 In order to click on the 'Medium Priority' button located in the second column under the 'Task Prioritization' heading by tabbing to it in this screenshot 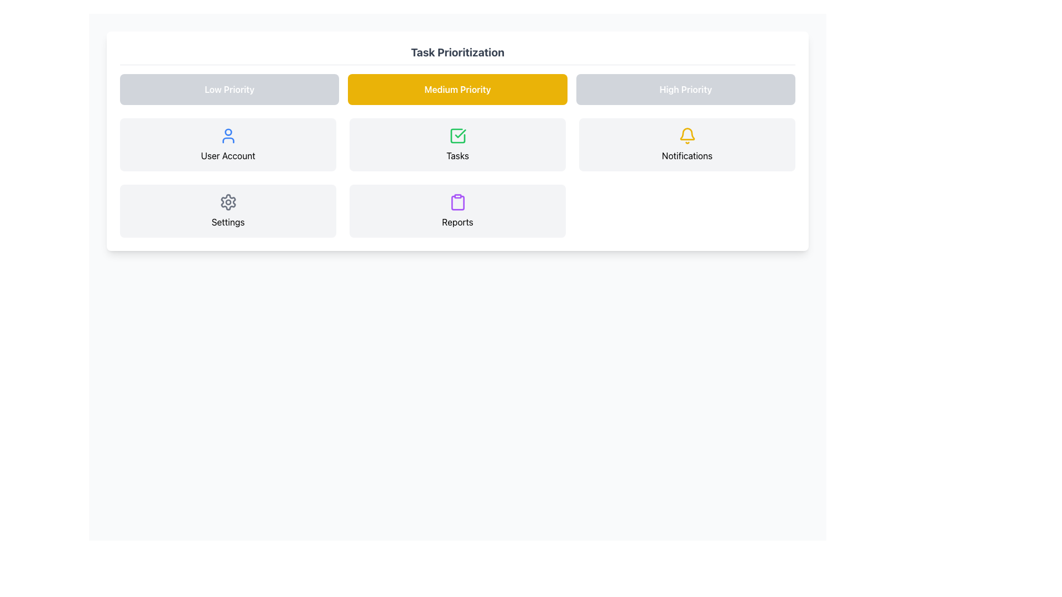, I will do `click(457, 89)`.